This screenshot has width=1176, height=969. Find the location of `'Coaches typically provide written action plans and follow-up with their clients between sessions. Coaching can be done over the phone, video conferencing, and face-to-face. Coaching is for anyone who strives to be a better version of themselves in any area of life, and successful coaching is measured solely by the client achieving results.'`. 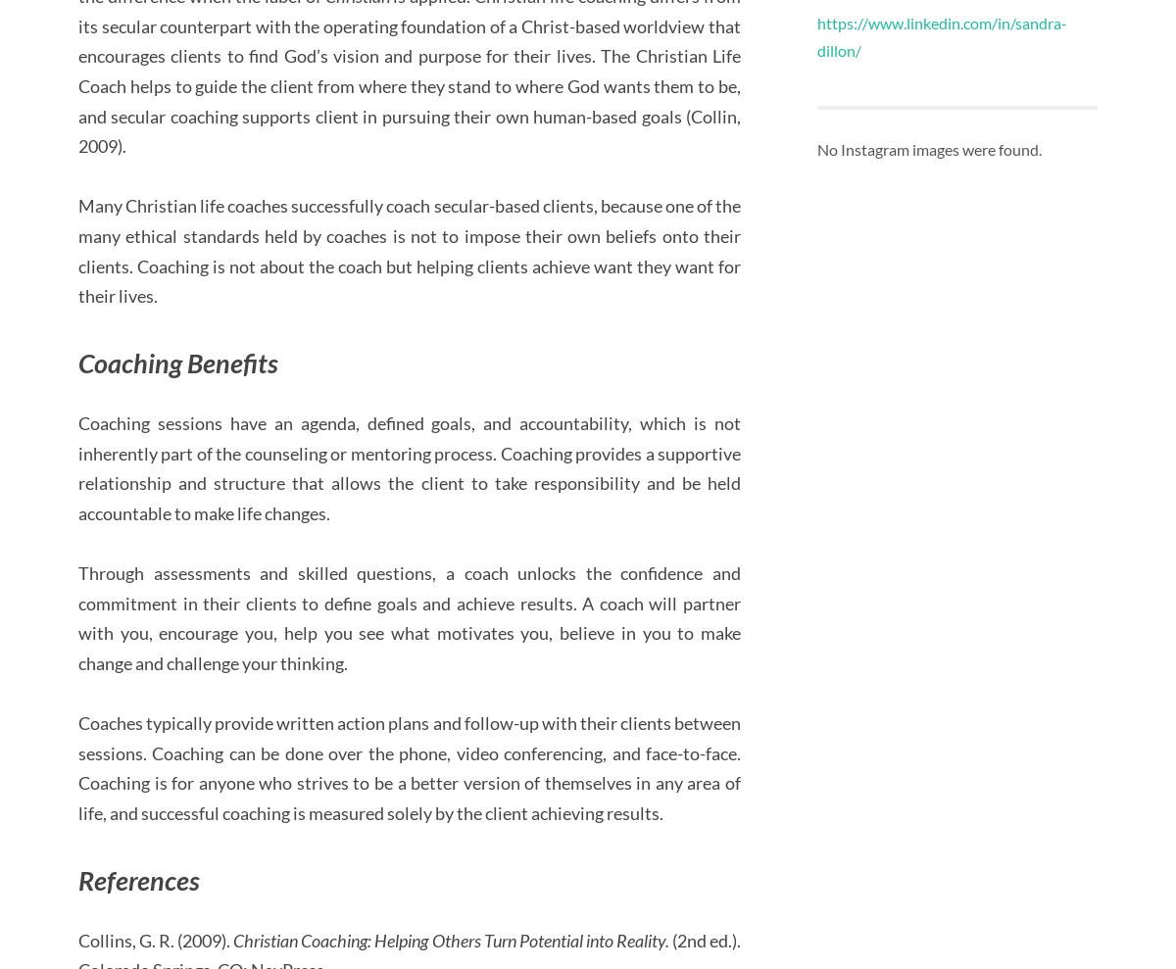

'Coaches typically provide written action plans and follow-up with their clients between sessions. Coaching can be done over the phone, video conferencing, and face-to-face. Coaching is for anyone who strives to be a better version of themselves in any area of life, and successful coaching is measured solely by the client achieving results.' is located at coordinates (409, 766).